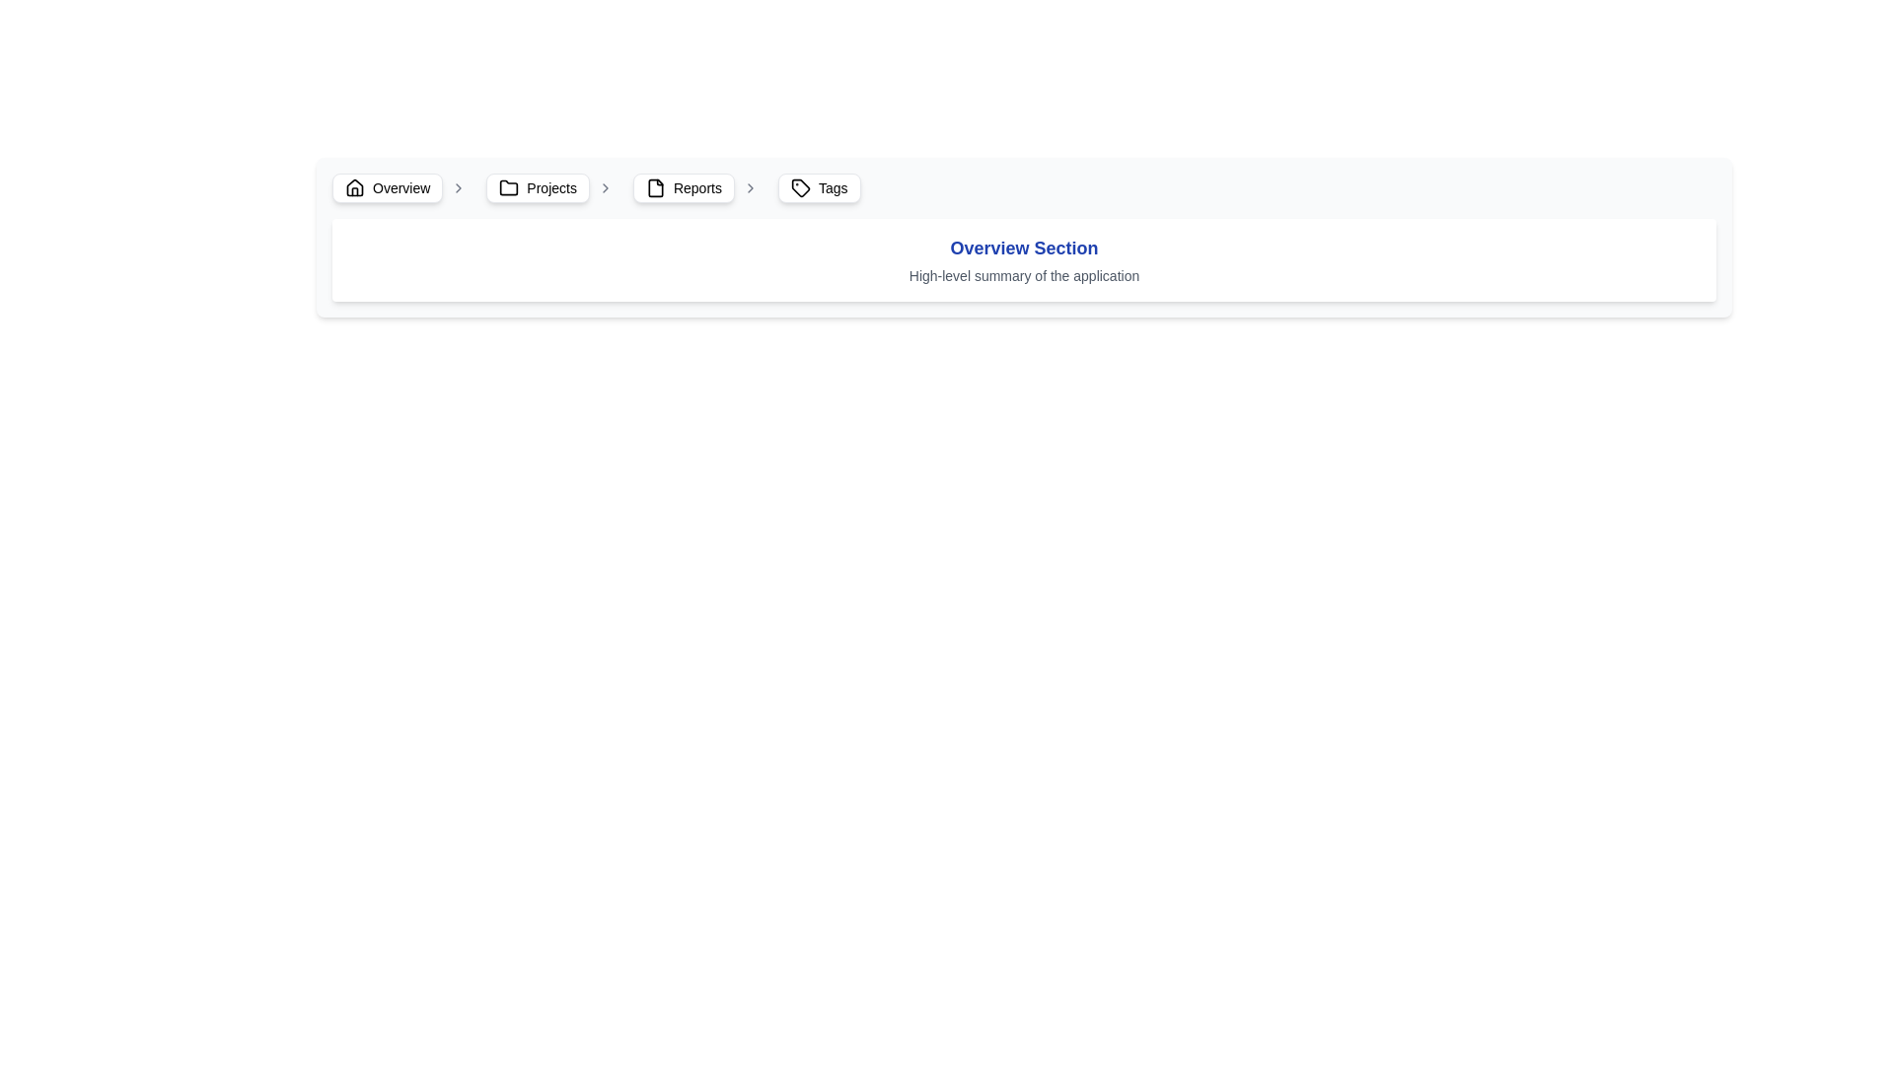  What do you see at coordinates (684, 188) in the screenshot?
I see `the 'Reports' button in the breadcrumb navigation bar, which is styled with rounded corners and a document icon` at bounding box center [684, 188].